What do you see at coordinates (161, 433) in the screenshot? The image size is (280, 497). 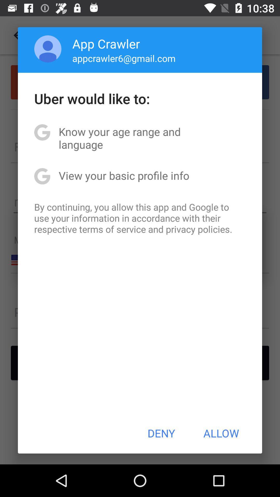 I see `the button to the left of the allow item` at bounding box center [161, 433].